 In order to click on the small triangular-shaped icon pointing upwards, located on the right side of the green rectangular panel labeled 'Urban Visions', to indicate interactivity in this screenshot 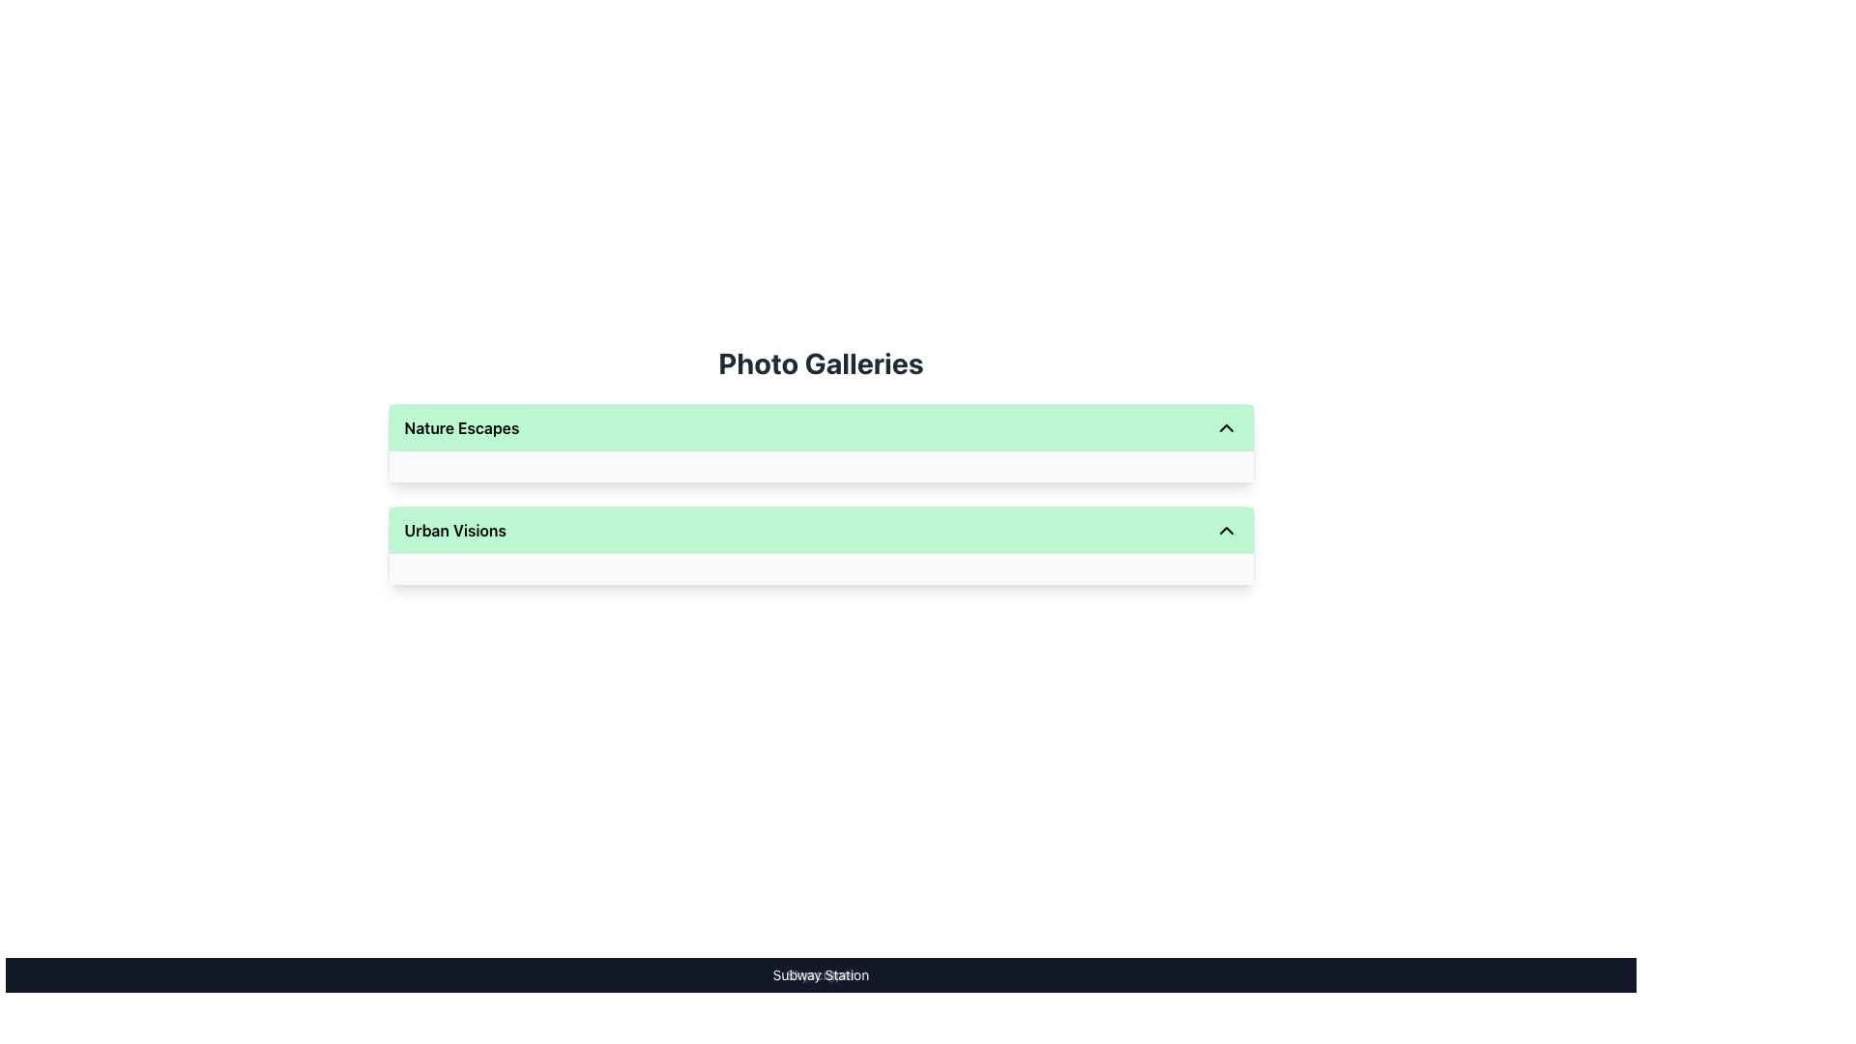, I will do `click(1225, 530)`.